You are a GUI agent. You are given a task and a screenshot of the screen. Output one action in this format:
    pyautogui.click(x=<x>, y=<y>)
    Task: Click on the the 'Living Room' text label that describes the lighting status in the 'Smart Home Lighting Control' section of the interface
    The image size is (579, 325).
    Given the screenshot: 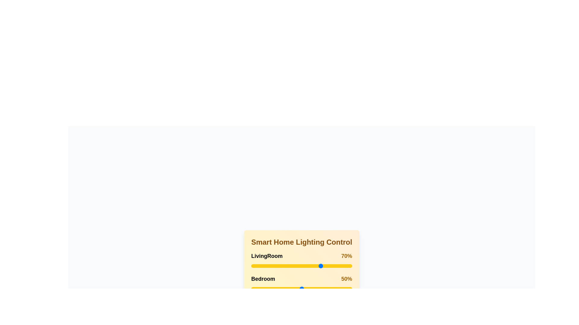 What is the action you would take?
    pyautogui.click(x=267, y=256)
    